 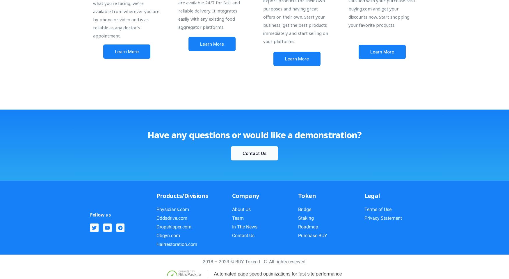 I want to click on '2018 – 2023 © BUY Token LLC. All rights reserved.', so click(x=254, y=261).